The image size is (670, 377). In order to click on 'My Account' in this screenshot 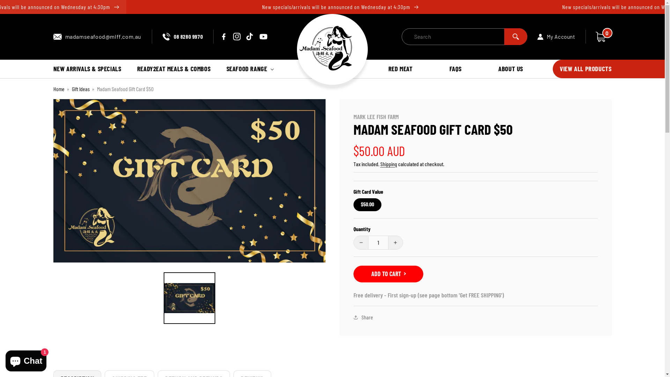, I will do `click(537, 36)`.